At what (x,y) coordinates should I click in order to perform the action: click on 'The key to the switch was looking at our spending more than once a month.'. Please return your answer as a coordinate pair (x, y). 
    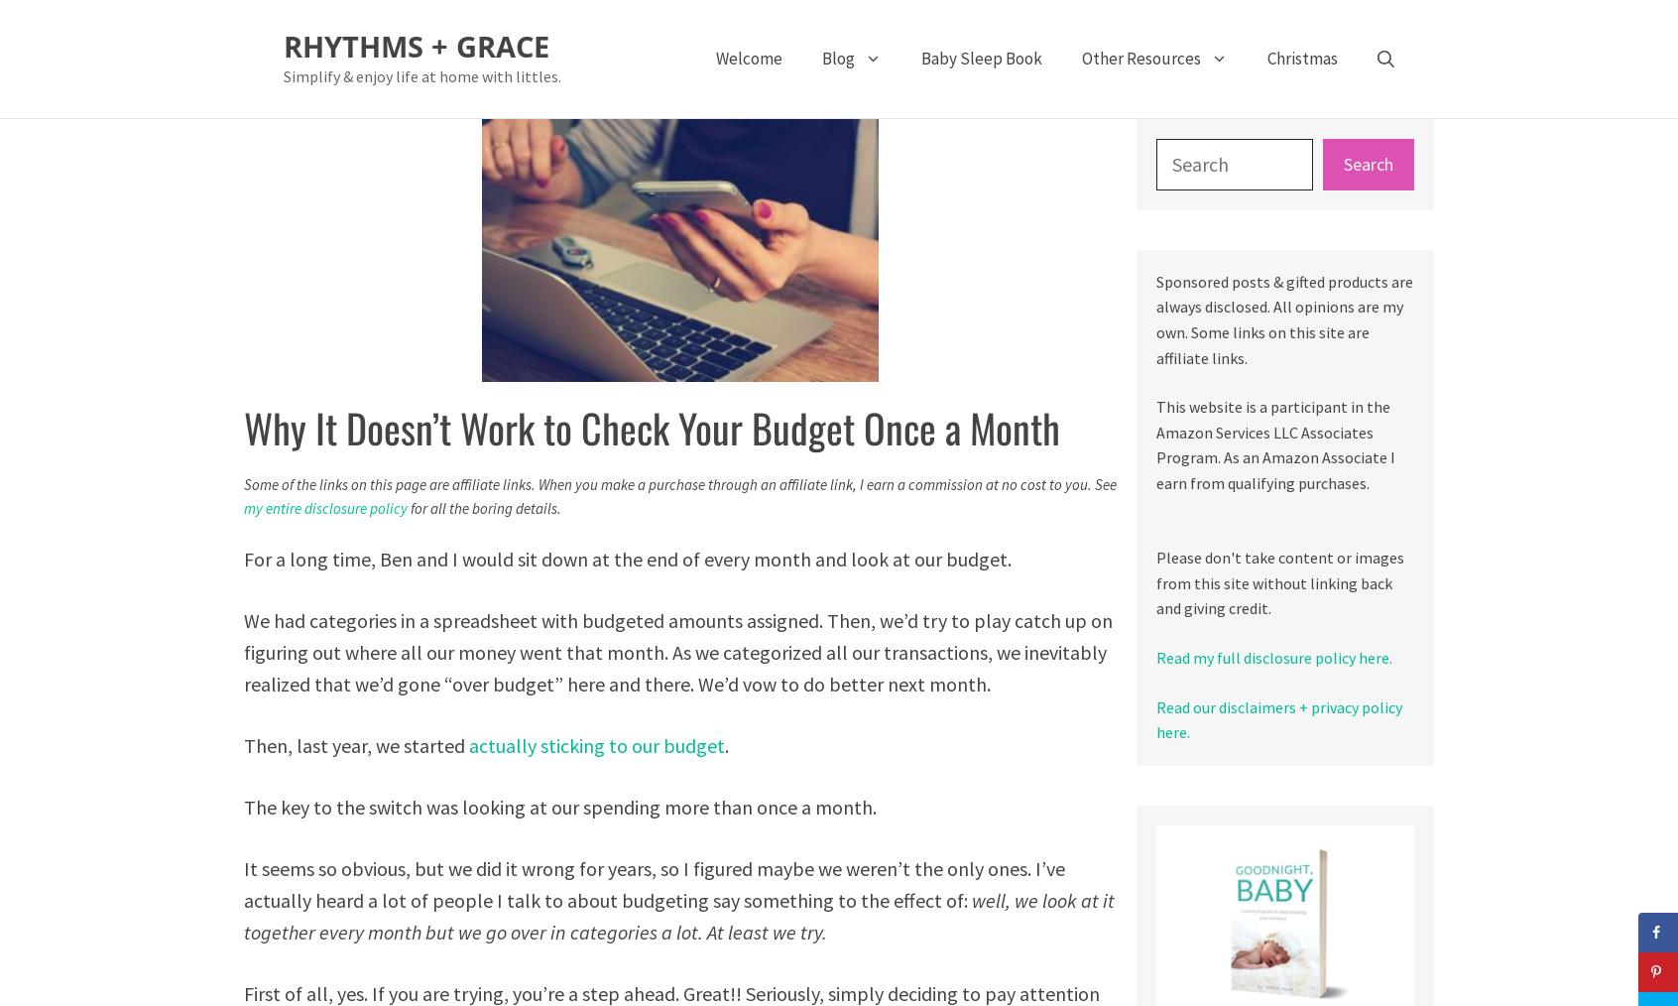
    Looking at the image, I should click on (559, 806).